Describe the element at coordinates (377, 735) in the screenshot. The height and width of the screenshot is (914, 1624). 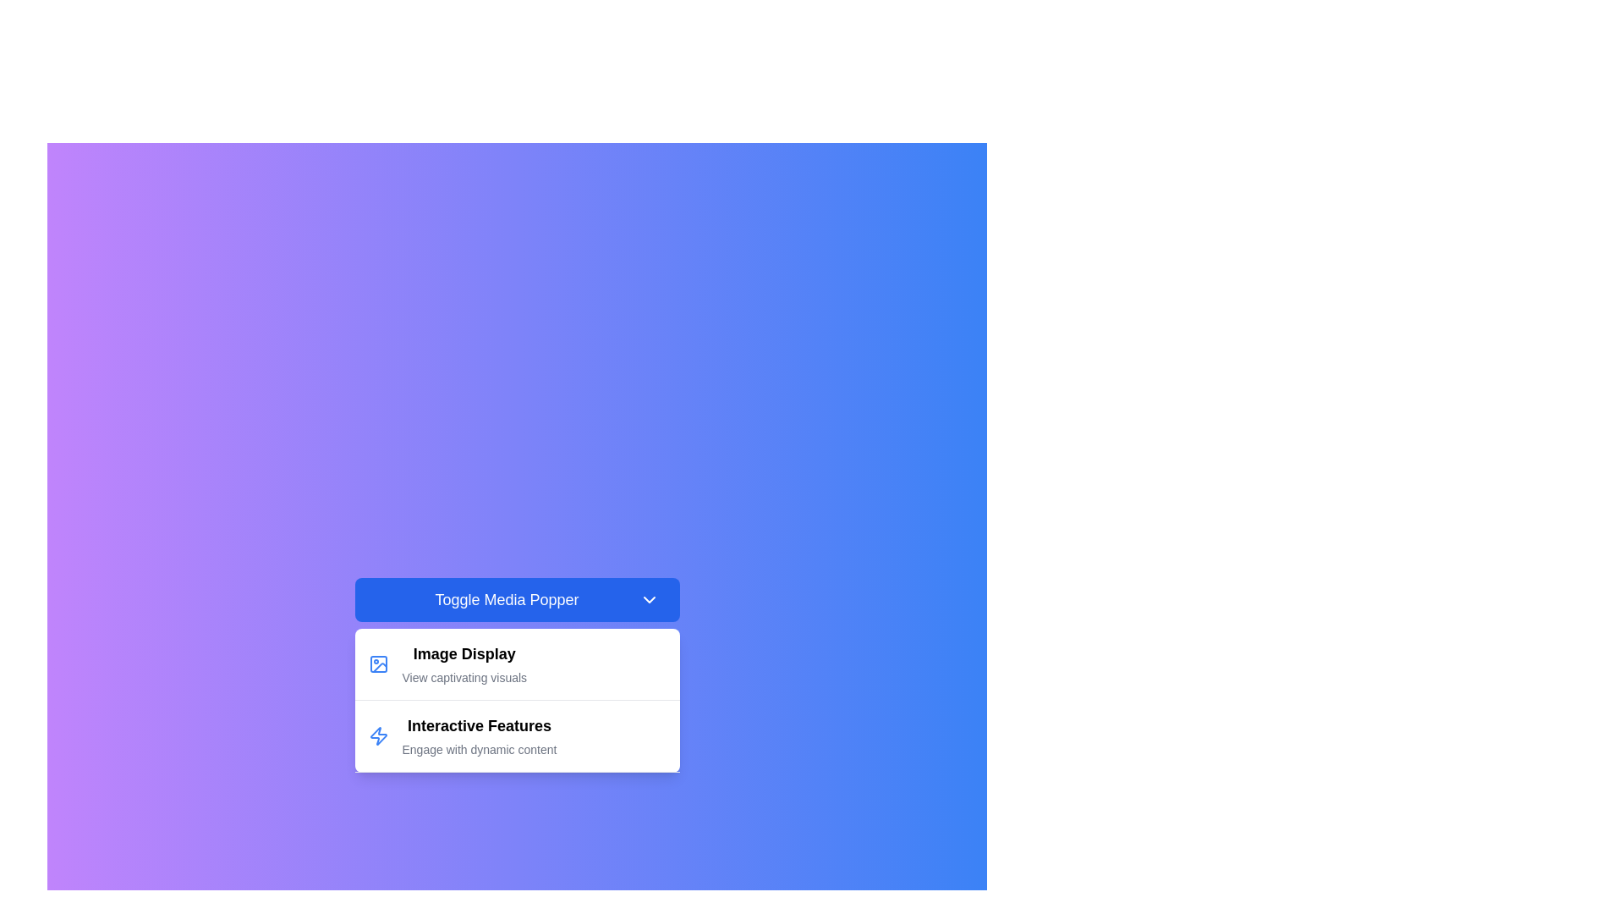
I see `the 'Interactive Features' icon located in the second list item of the 'Toggle Media Popper' drop-down menu` at that location.